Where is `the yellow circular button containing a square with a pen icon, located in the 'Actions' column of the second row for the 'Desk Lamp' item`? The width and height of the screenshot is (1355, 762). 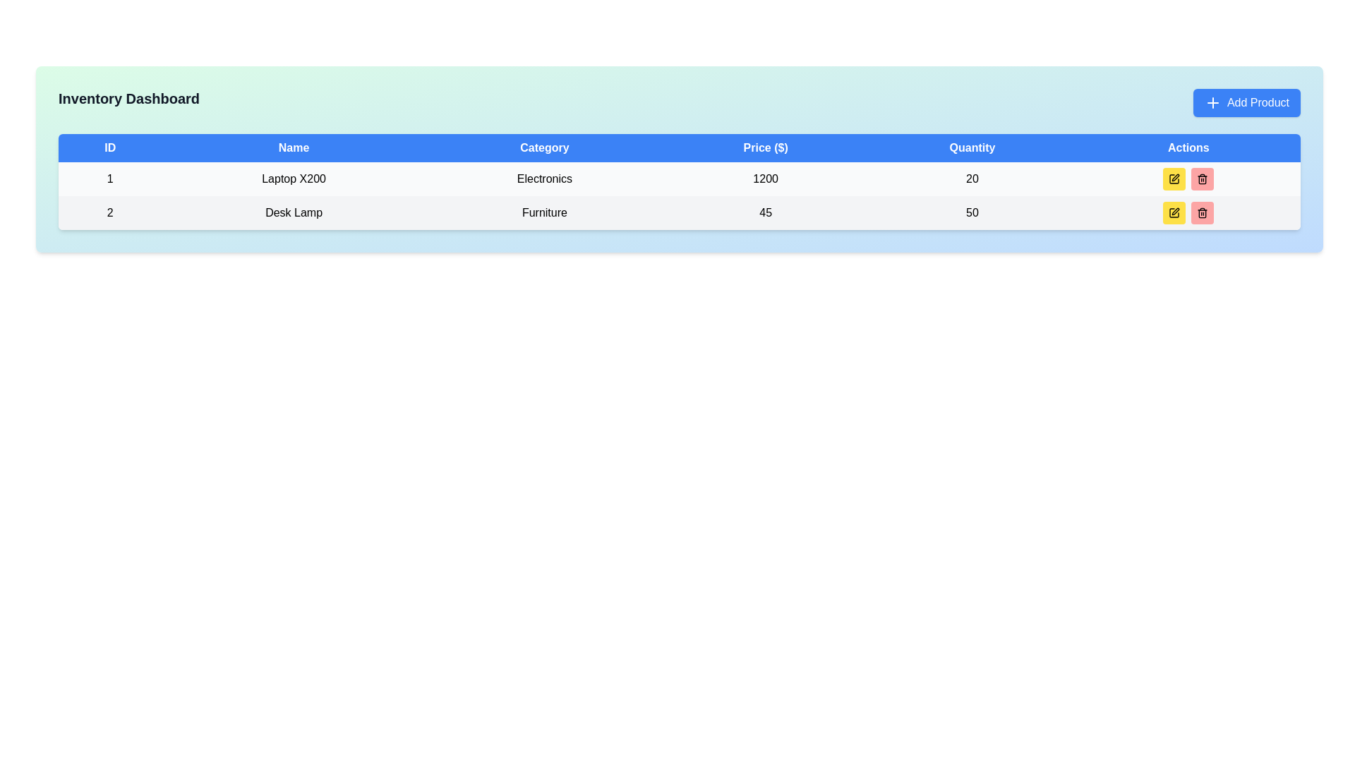 the yellow circular button containing a square with a pen icon, located in the 'Actions' column of the second row for the 'Desk Lamp' item is located at coordinates (1174, 212).